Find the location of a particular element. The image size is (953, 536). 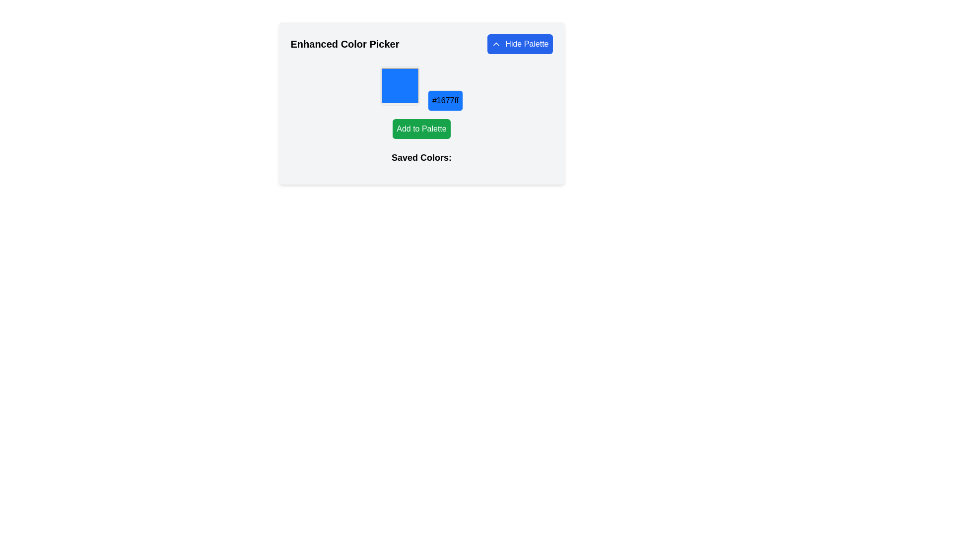

the hexadecimal color code '#1677ff' displayed in the text box or label located to the right of the blue square color preview element in the color picker interface is located at coordinates (445, 101).